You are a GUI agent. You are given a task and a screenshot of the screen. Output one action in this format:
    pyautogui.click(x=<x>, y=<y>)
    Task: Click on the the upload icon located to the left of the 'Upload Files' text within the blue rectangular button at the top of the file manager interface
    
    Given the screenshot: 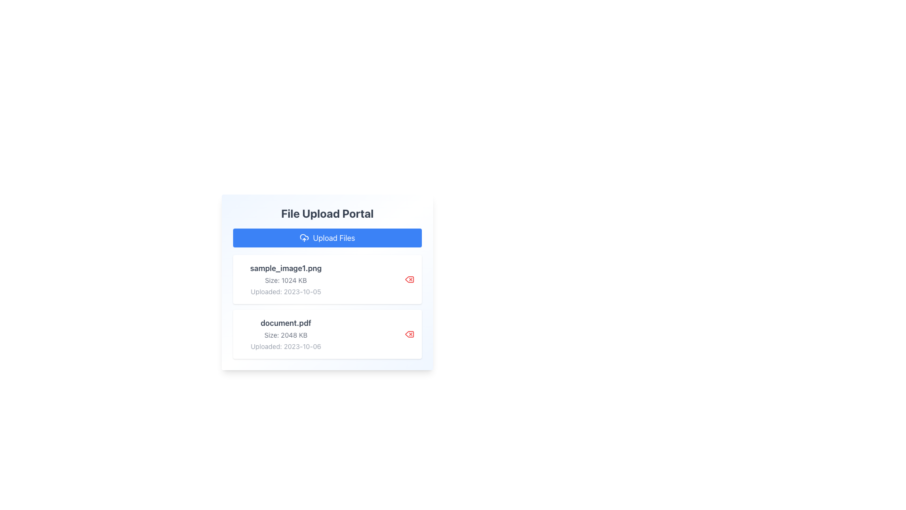 What is the action you would take?
    pyautogui.click(x=304, y=238)
    